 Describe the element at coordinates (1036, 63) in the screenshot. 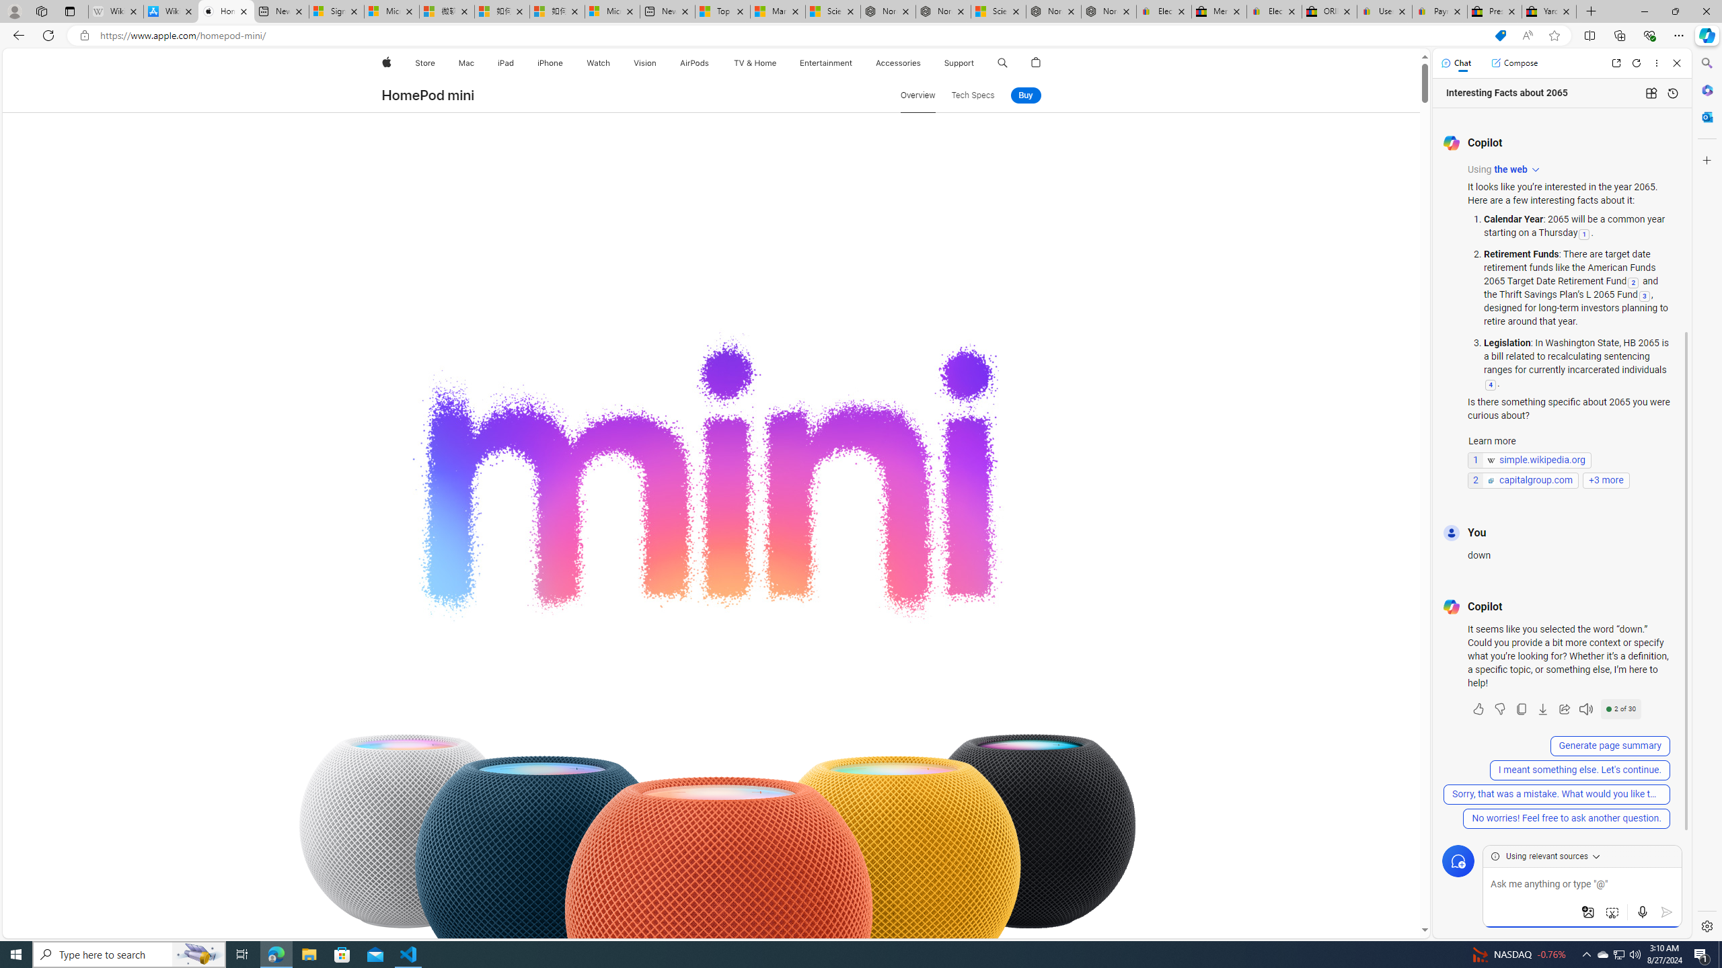

I see `'AutomationID: globalnav-bag'` at that location.